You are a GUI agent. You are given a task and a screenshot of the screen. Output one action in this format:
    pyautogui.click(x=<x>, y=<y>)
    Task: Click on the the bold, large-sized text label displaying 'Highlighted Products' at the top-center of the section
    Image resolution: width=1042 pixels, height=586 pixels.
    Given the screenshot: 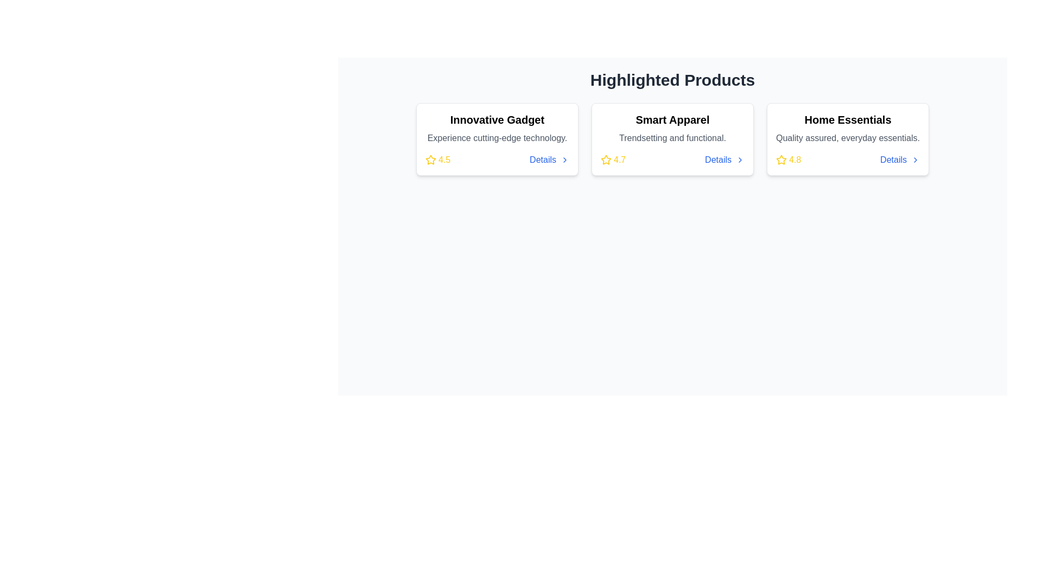 What is the action you would take?
    pyautogui.click(x=672, y=79)
    